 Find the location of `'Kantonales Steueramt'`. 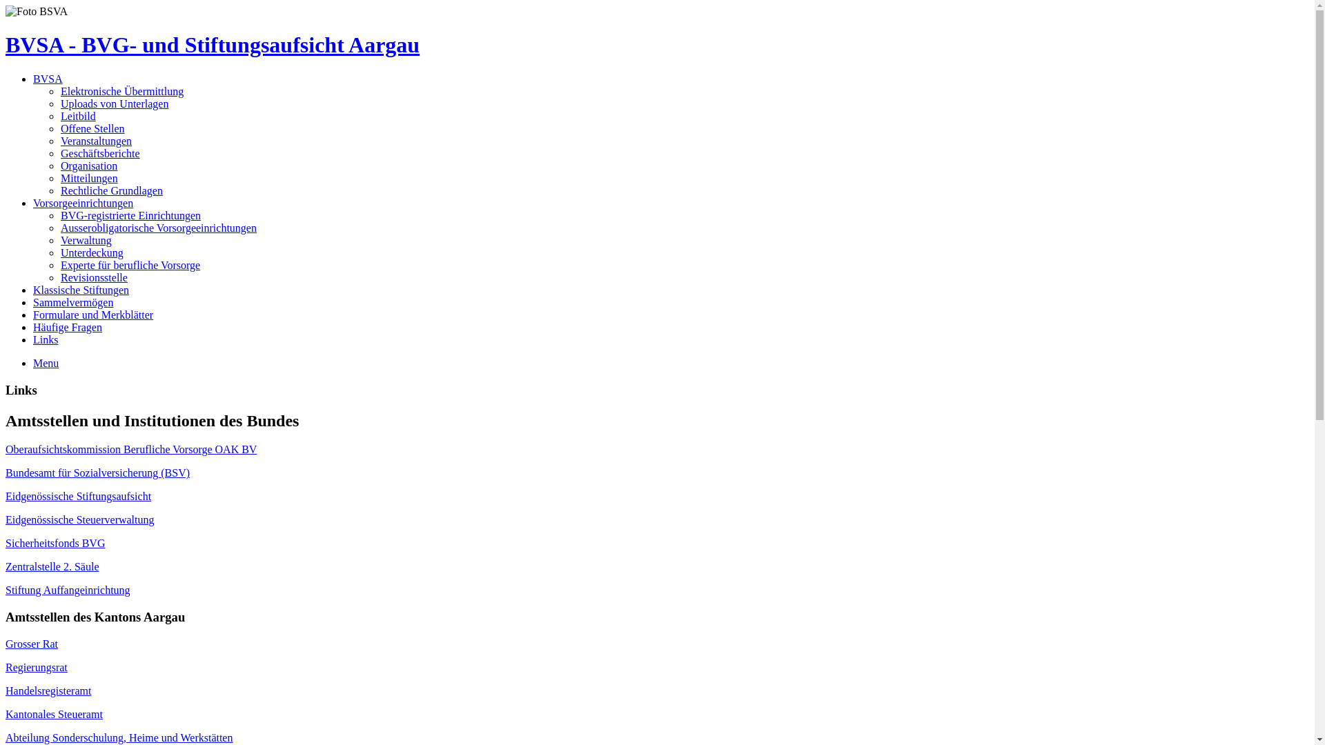

'Kantonales Steueramt' is located at coordinates (54, 714).